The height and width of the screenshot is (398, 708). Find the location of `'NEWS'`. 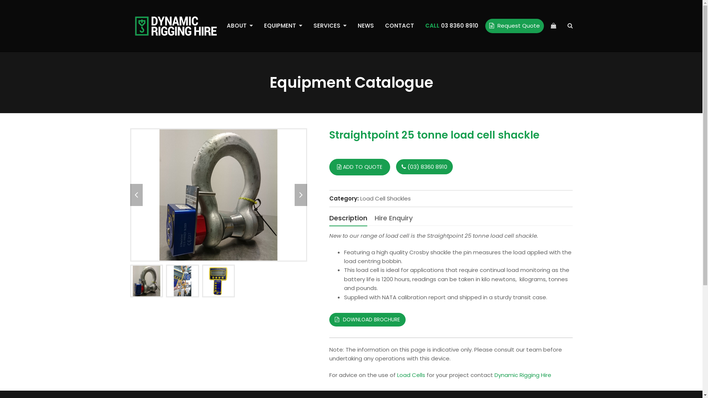

'NEWS' is located at coordinates (365, 25).